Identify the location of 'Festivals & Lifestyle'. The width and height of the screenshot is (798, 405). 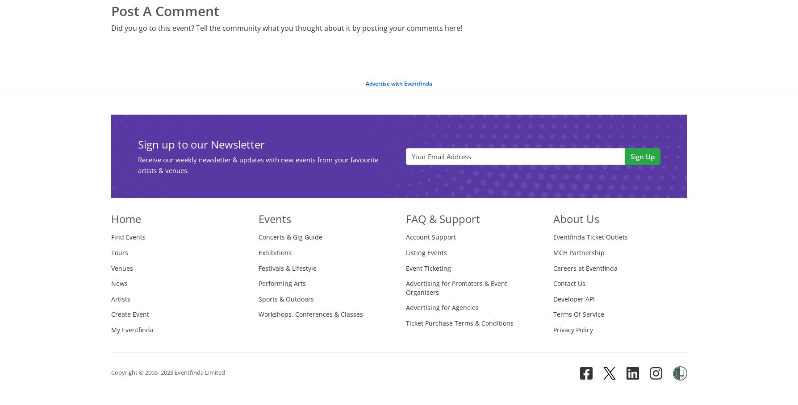
(286, 268).